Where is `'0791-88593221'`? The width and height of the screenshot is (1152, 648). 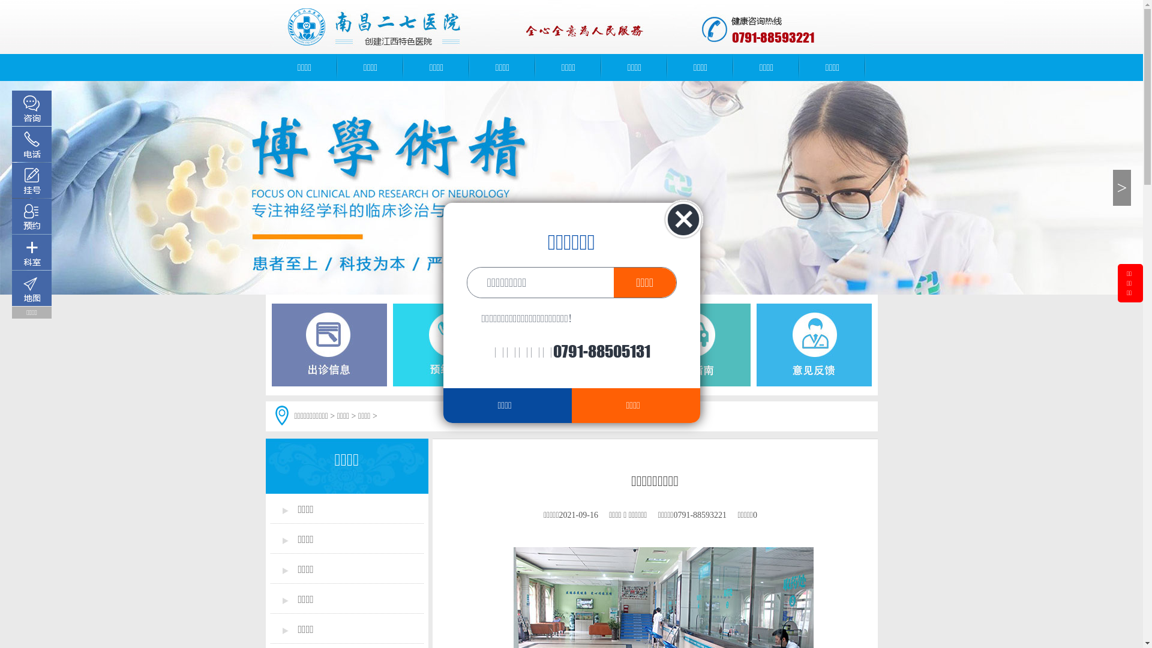
'0791-88593221' is located at coordinates (773, 37).